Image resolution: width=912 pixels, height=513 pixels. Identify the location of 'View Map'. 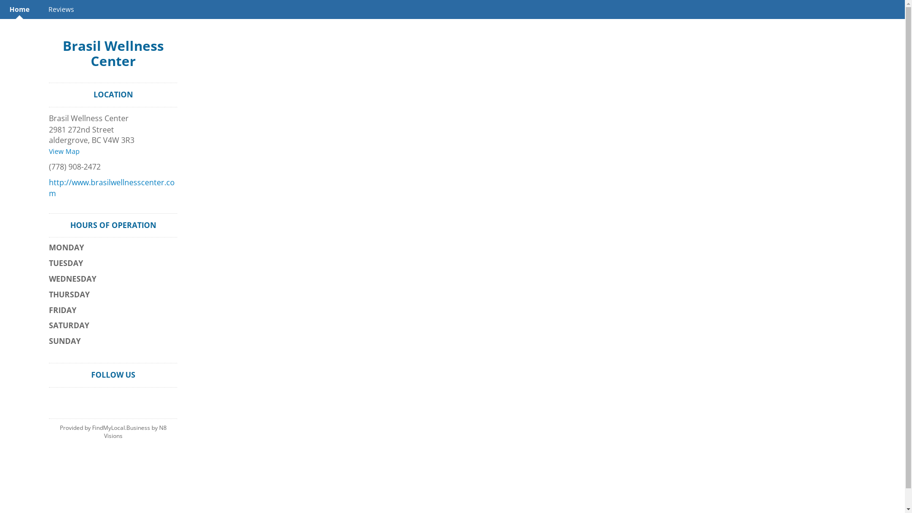
(64, 151).